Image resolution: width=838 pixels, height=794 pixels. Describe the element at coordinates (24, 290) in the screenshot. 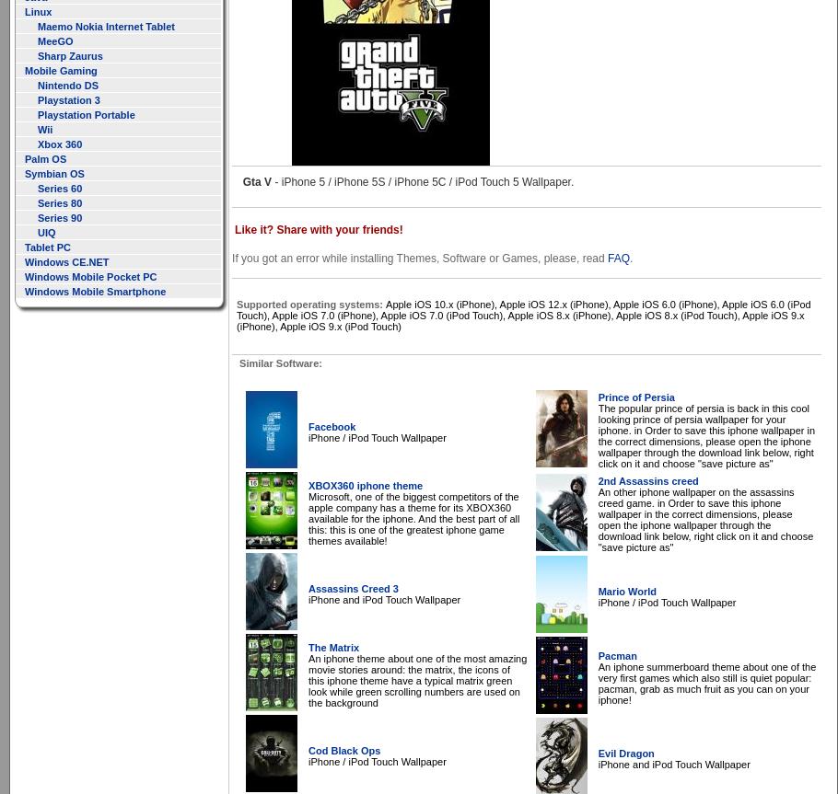

I see `'Windows Mobile Smartphone'` at that location.